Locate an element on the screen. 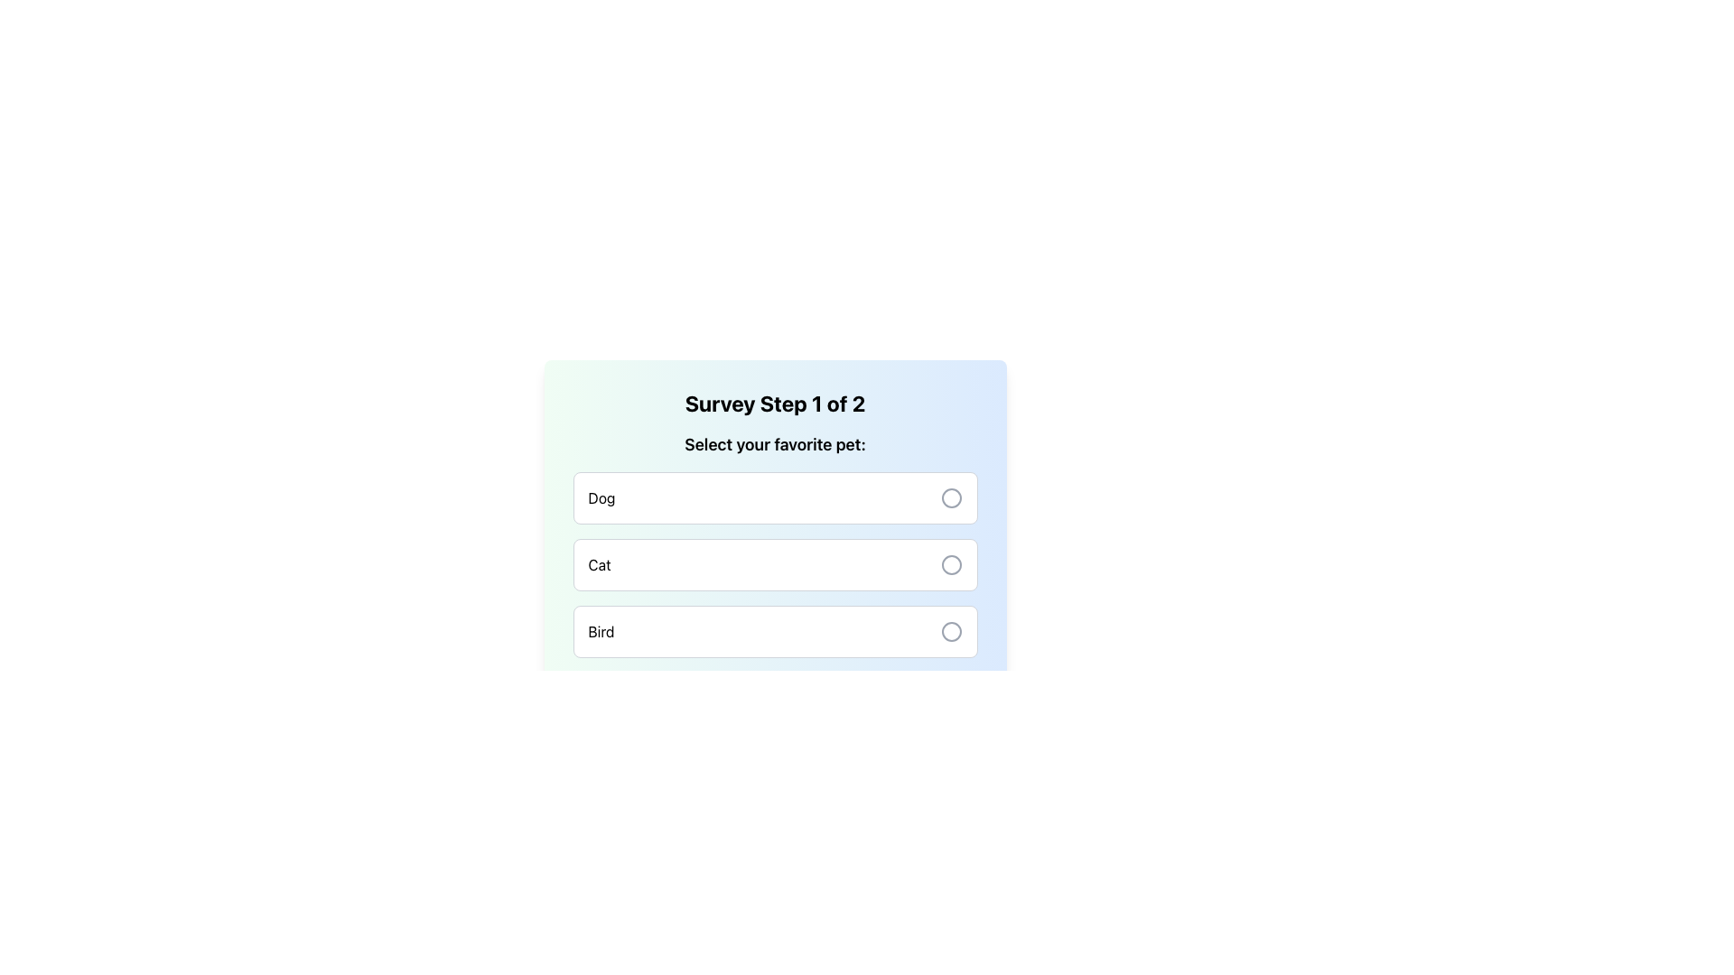  the Header text element that indicates the current step of the survey process, located at the top section of the survey form card is located at coordinates (775, 403).